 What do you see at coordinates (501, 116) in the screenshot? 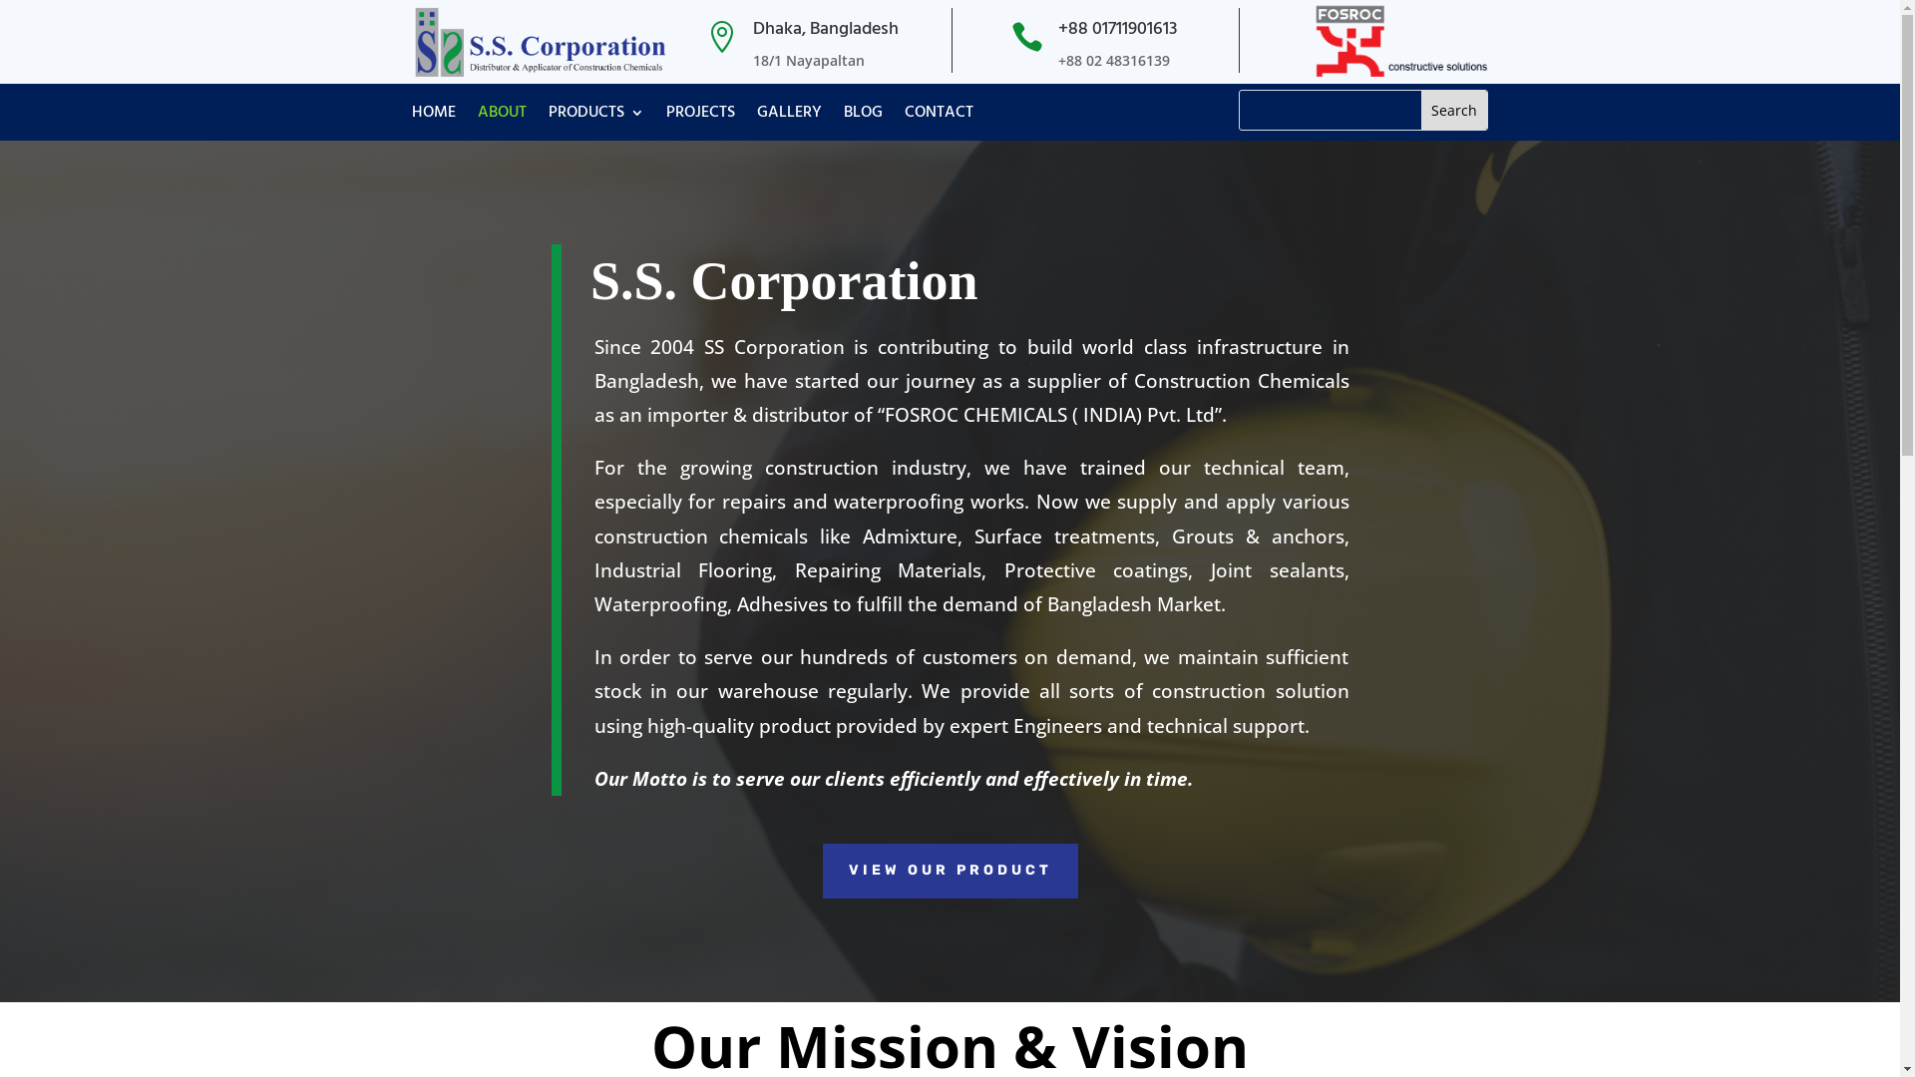
I see `'ABOUT'` at bounding box center [501, 116].